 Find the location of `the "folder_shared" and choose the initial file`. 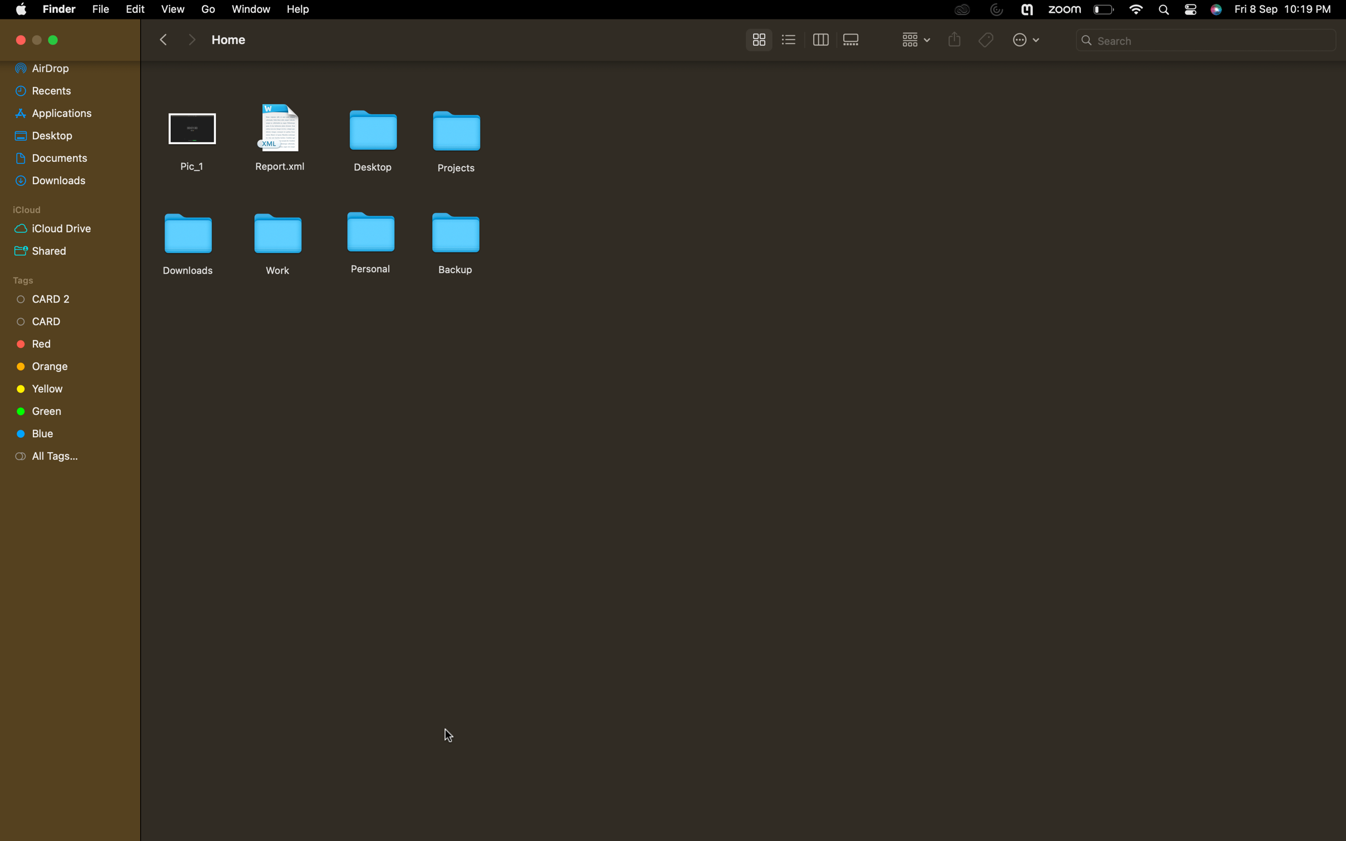

the "folder_shared" and choose the initial file is located at coordinates (65, 249).